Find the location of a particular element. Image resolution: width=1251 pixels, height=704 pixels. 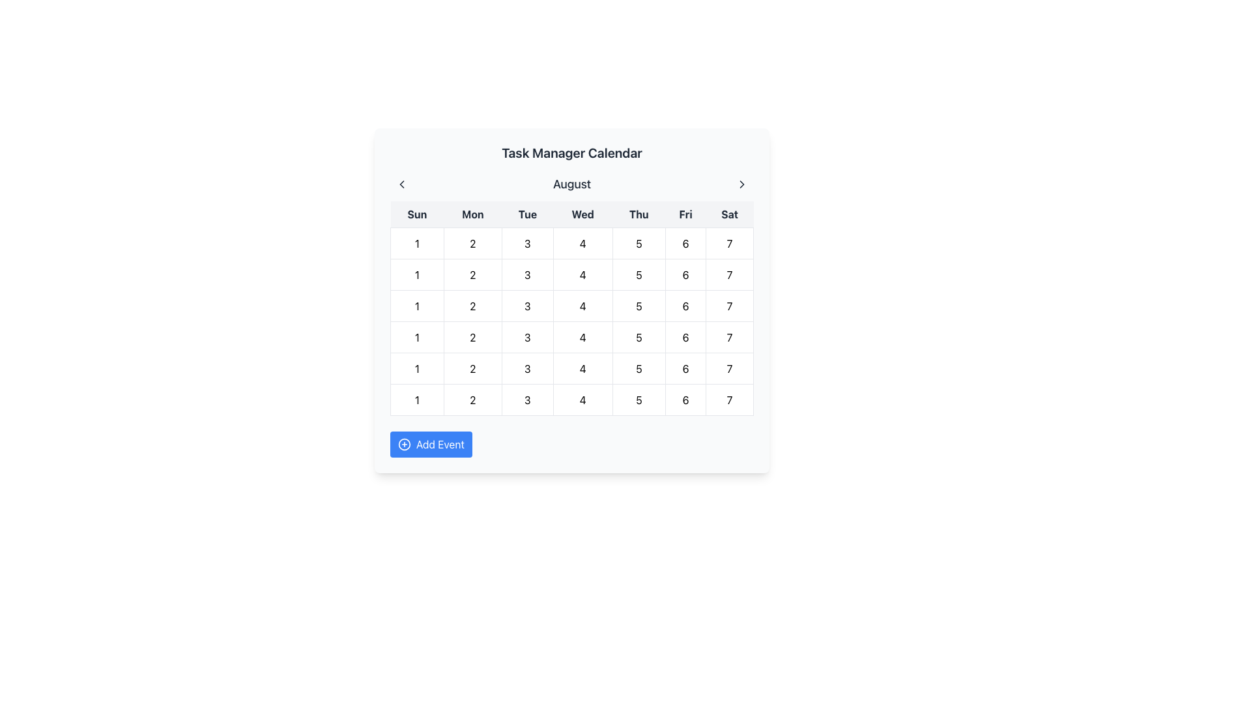

the bold number '2' displayed within a rounded, clickable area in the calendar grid under 'Mon' in the second column and fourth row is located at coordinates (472, 368).